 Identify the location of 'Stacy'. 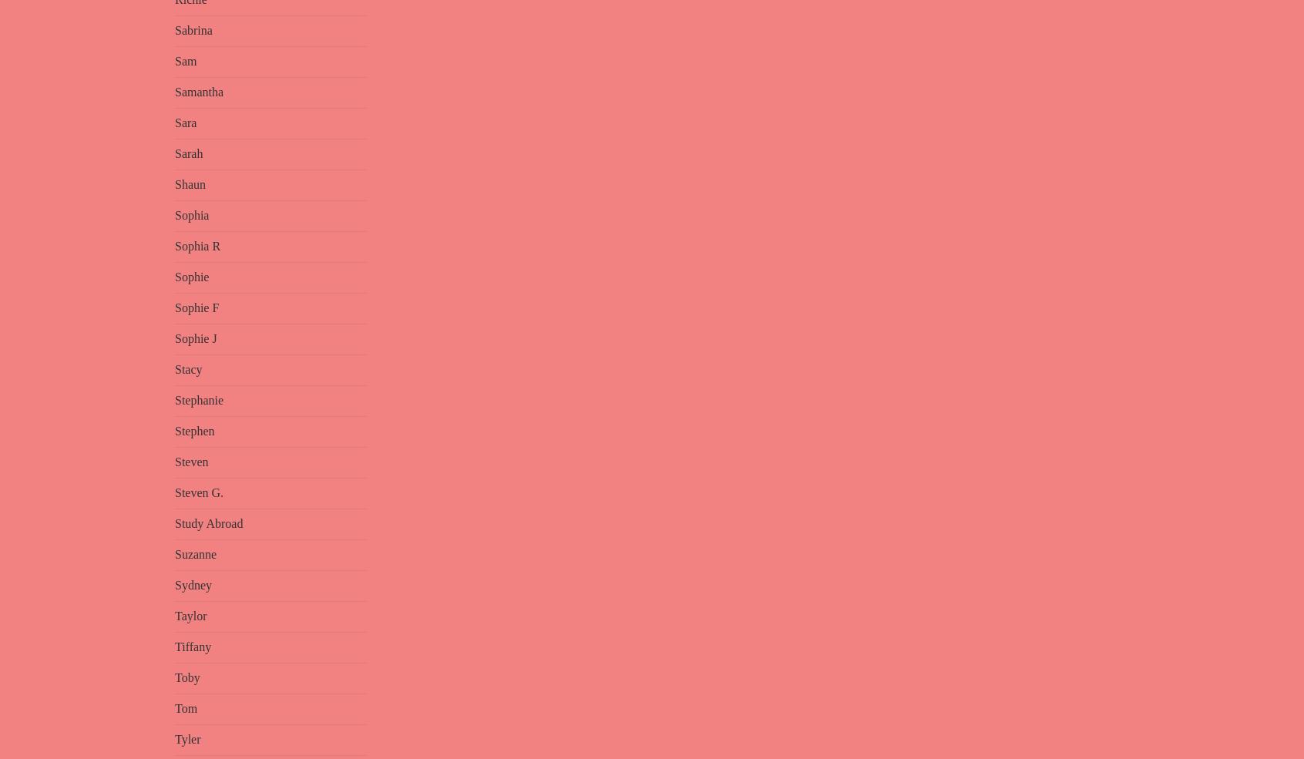
(175, 368).